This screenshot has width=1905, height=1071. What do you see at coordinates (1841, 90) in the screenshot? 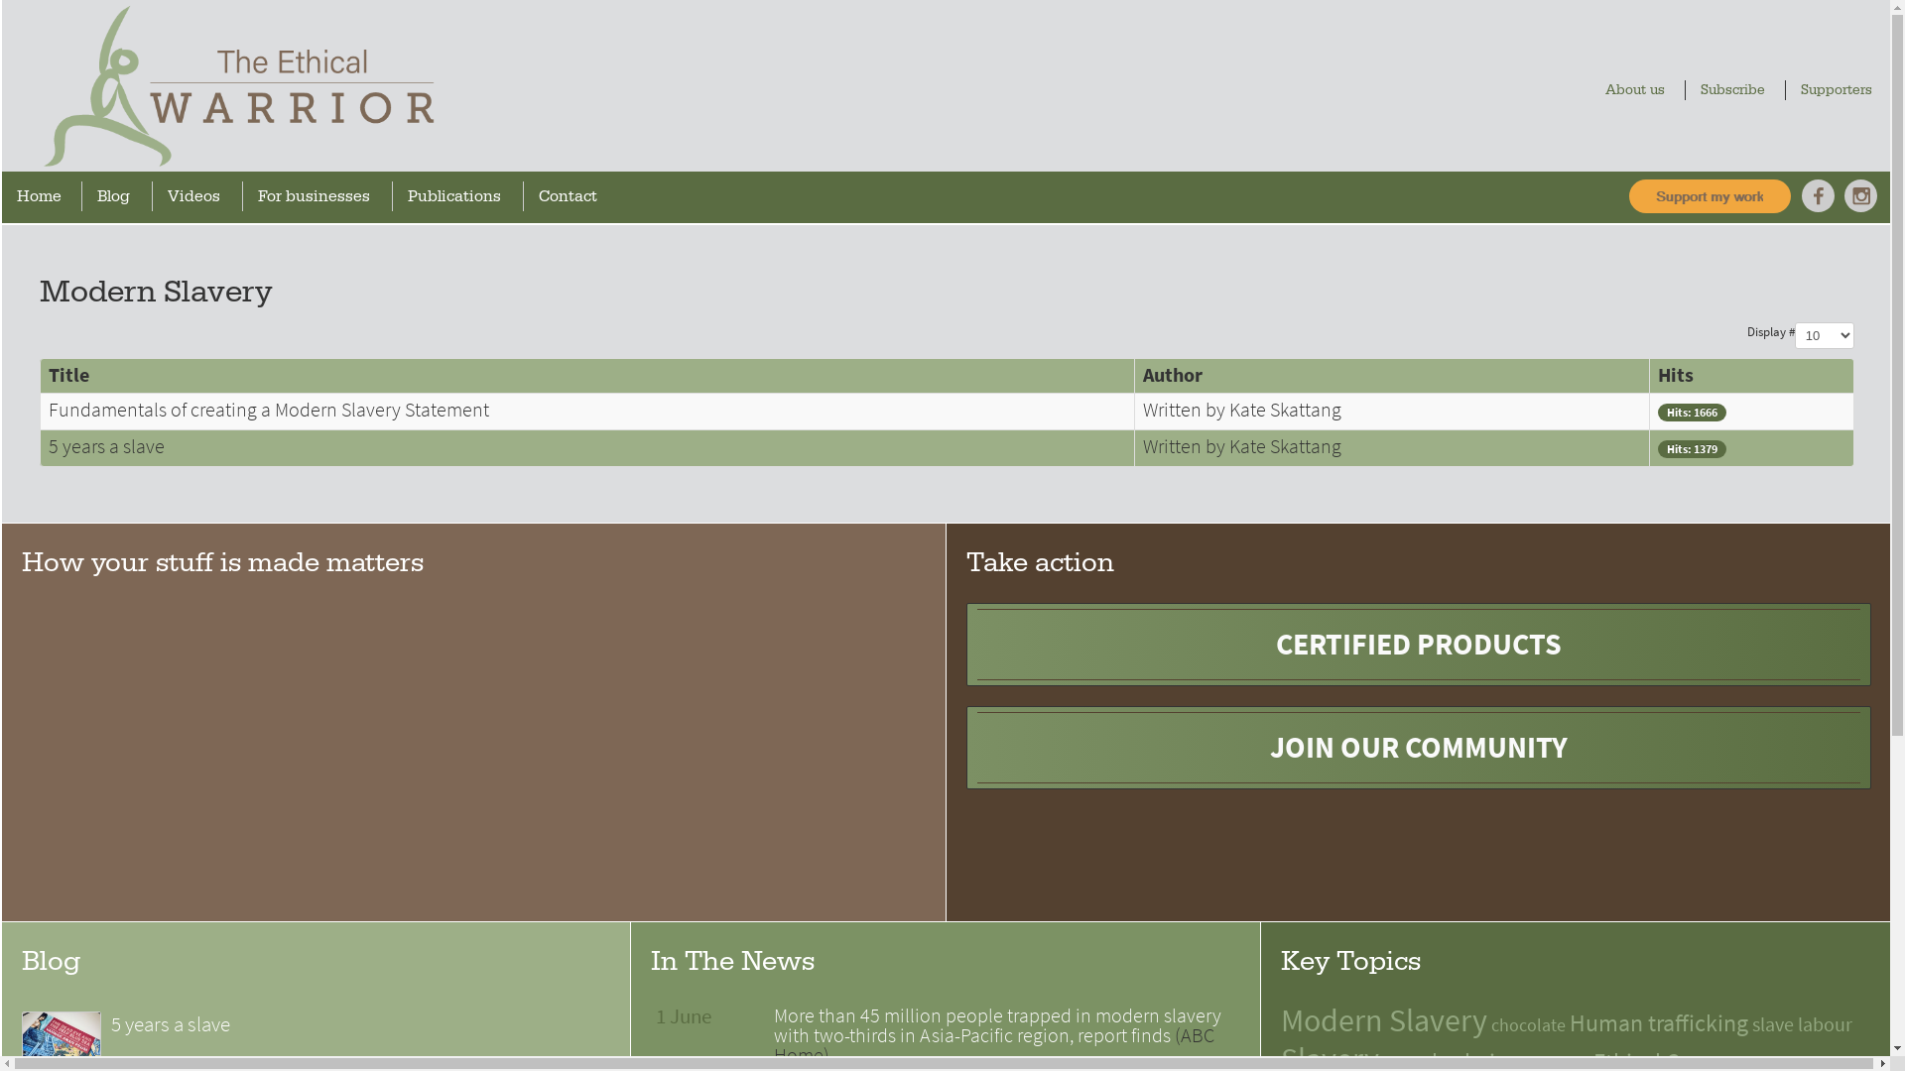
I see `'Supporters'` at bounding box center [1841, 90].